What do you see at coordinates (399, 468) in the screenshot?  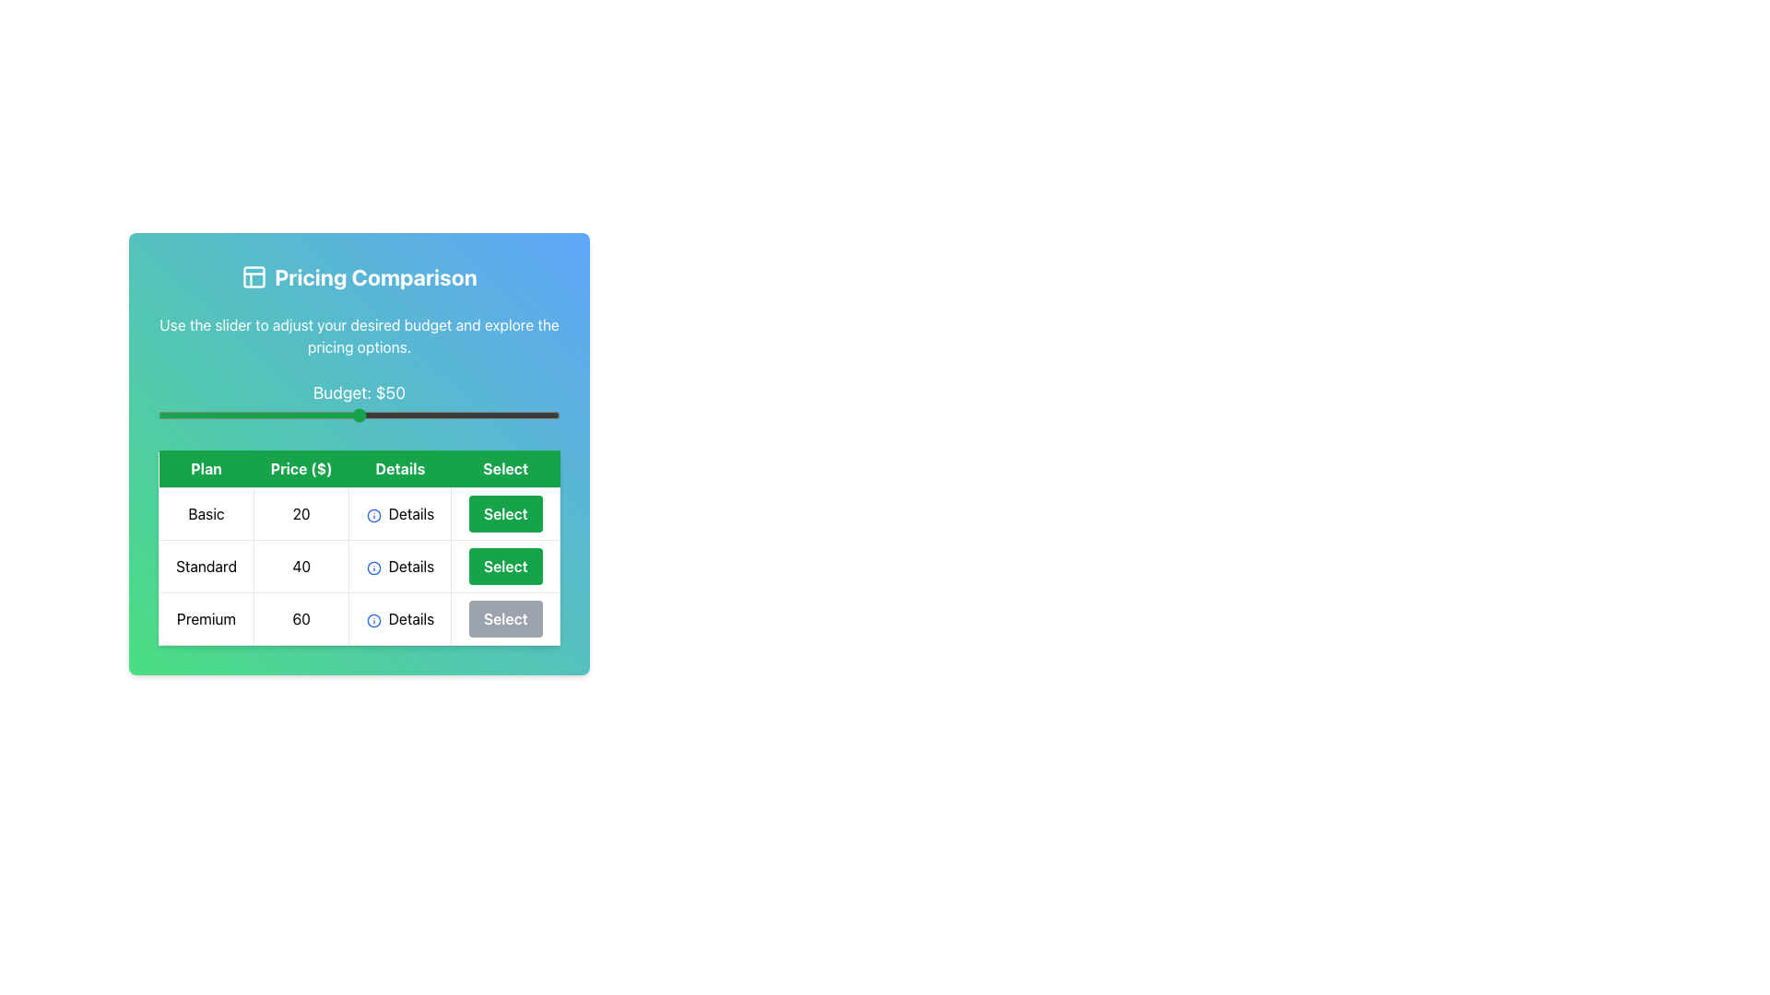 I see `the third column header cell labeled 'Details' in the table, which is positioned between 'Price ($)' and 'Select'` at bounding box center [399, 468].